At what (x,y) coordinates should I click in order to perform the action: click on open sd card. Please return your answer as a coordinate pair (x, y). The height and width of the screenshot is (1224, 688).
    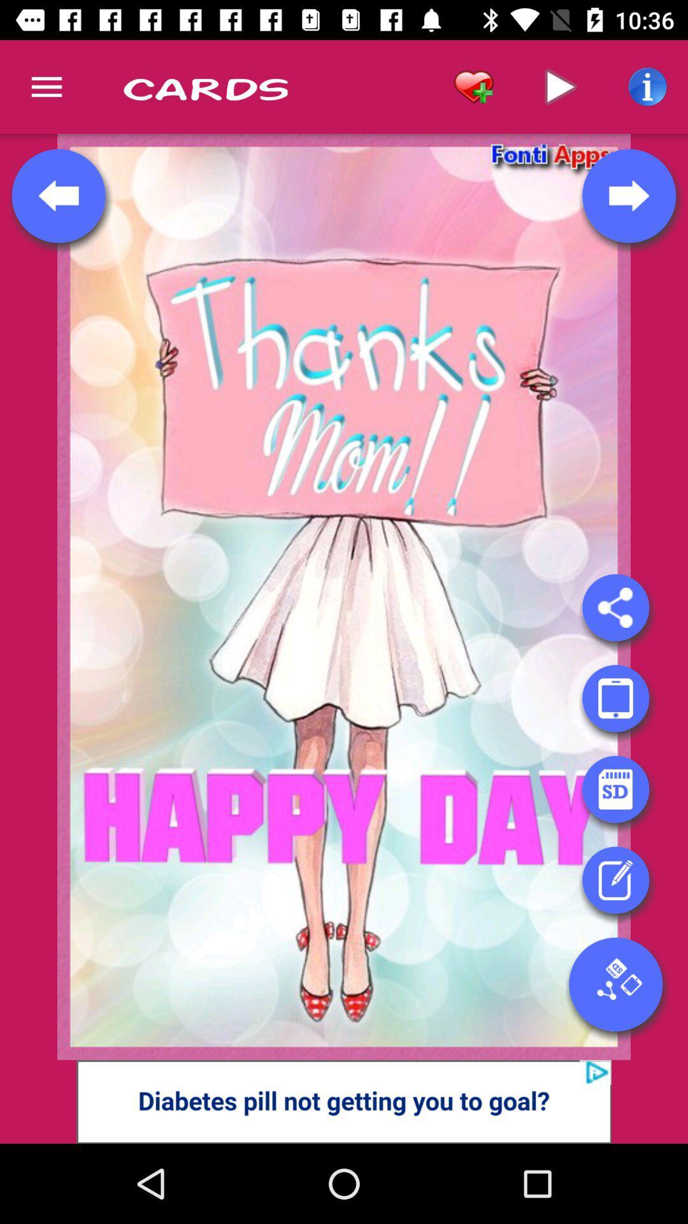
    Looking at the image, I should click on (615, 789).